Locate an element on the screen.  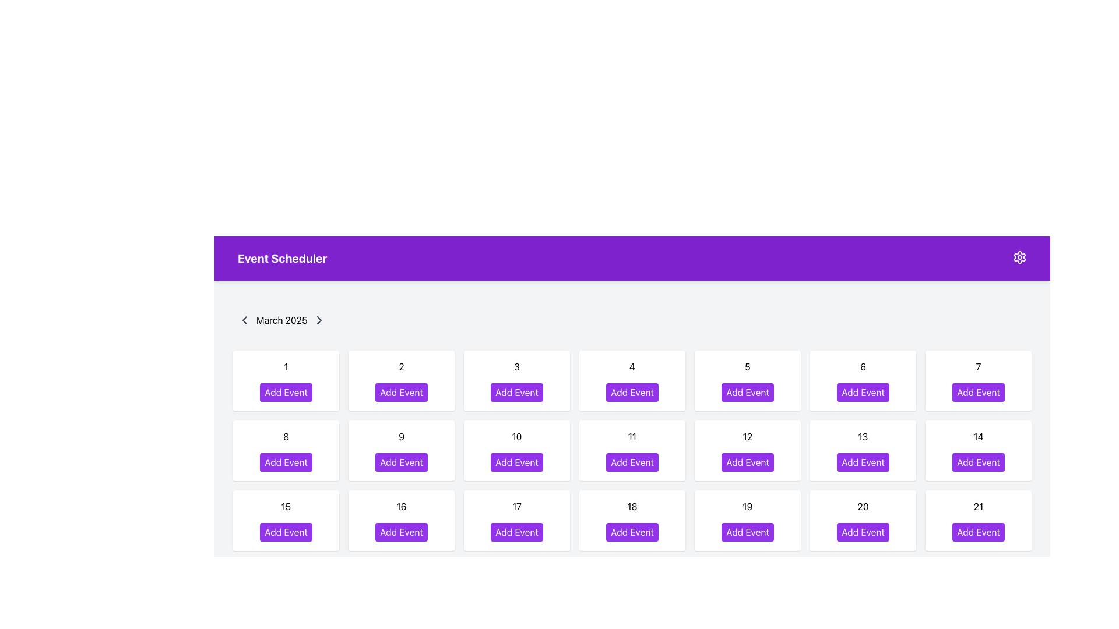
the calendar cell representing the date '10' is located at coordinates (516, 450).